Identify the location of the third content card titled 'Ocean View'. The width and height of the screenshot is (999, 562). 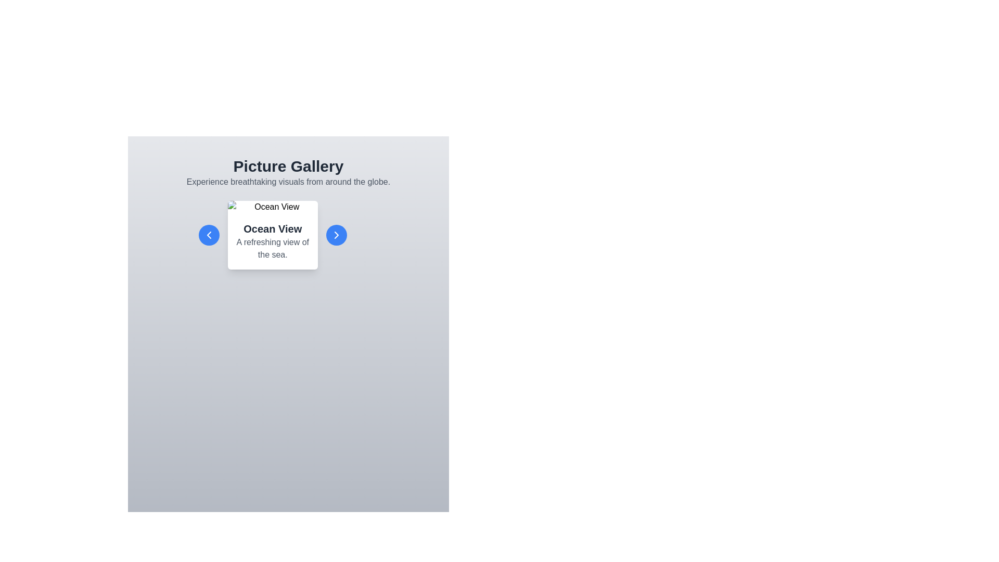
(273, 235).